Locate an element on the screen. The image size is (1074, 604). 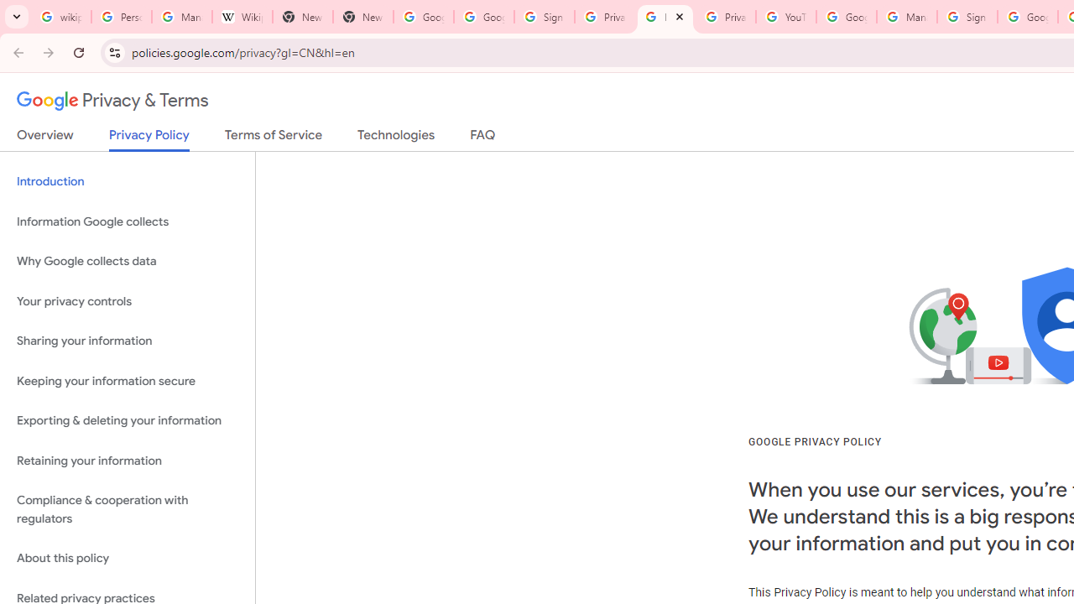
'FAQ' is located at coordinates (482, 138).